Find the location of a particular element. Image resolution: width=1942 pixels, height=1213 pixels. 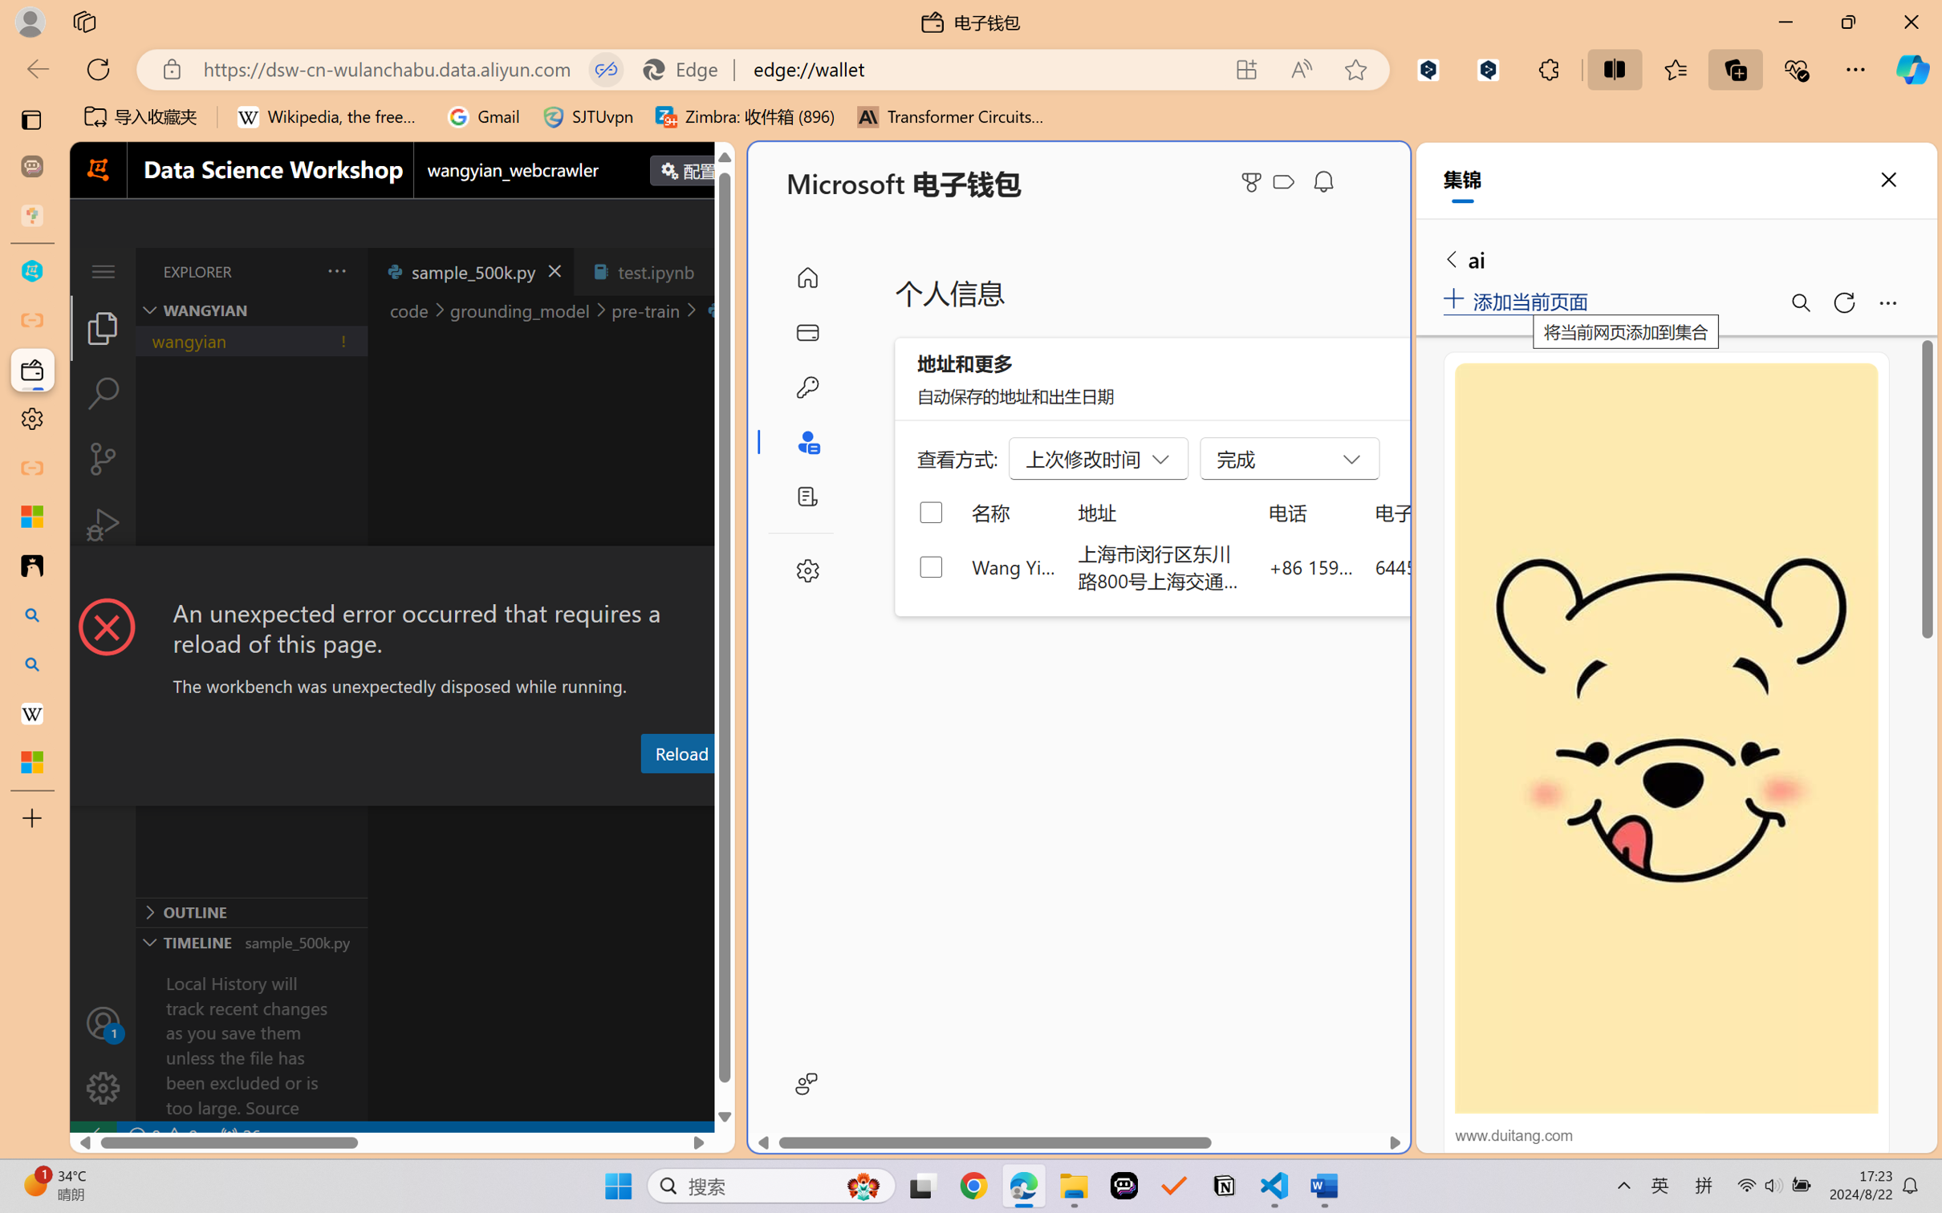

'Source Control (Ctrl+Shift+G)' is located at coordinates (102, 459).